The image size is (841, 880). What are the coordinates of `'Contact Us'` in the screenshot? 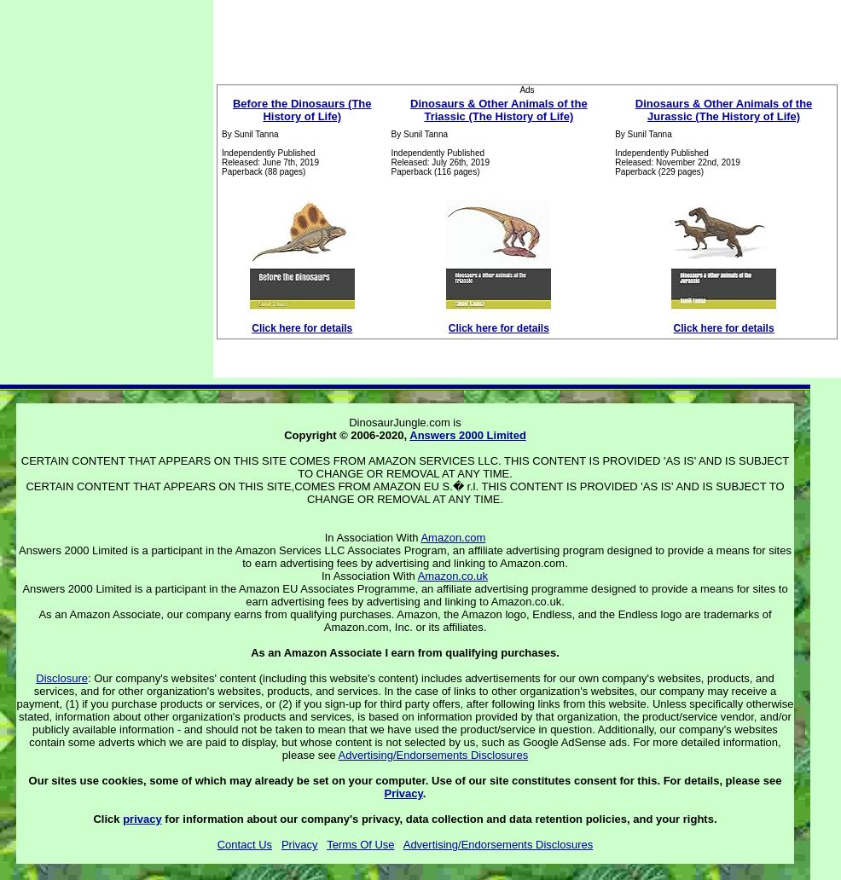 It's located at (244, 843).